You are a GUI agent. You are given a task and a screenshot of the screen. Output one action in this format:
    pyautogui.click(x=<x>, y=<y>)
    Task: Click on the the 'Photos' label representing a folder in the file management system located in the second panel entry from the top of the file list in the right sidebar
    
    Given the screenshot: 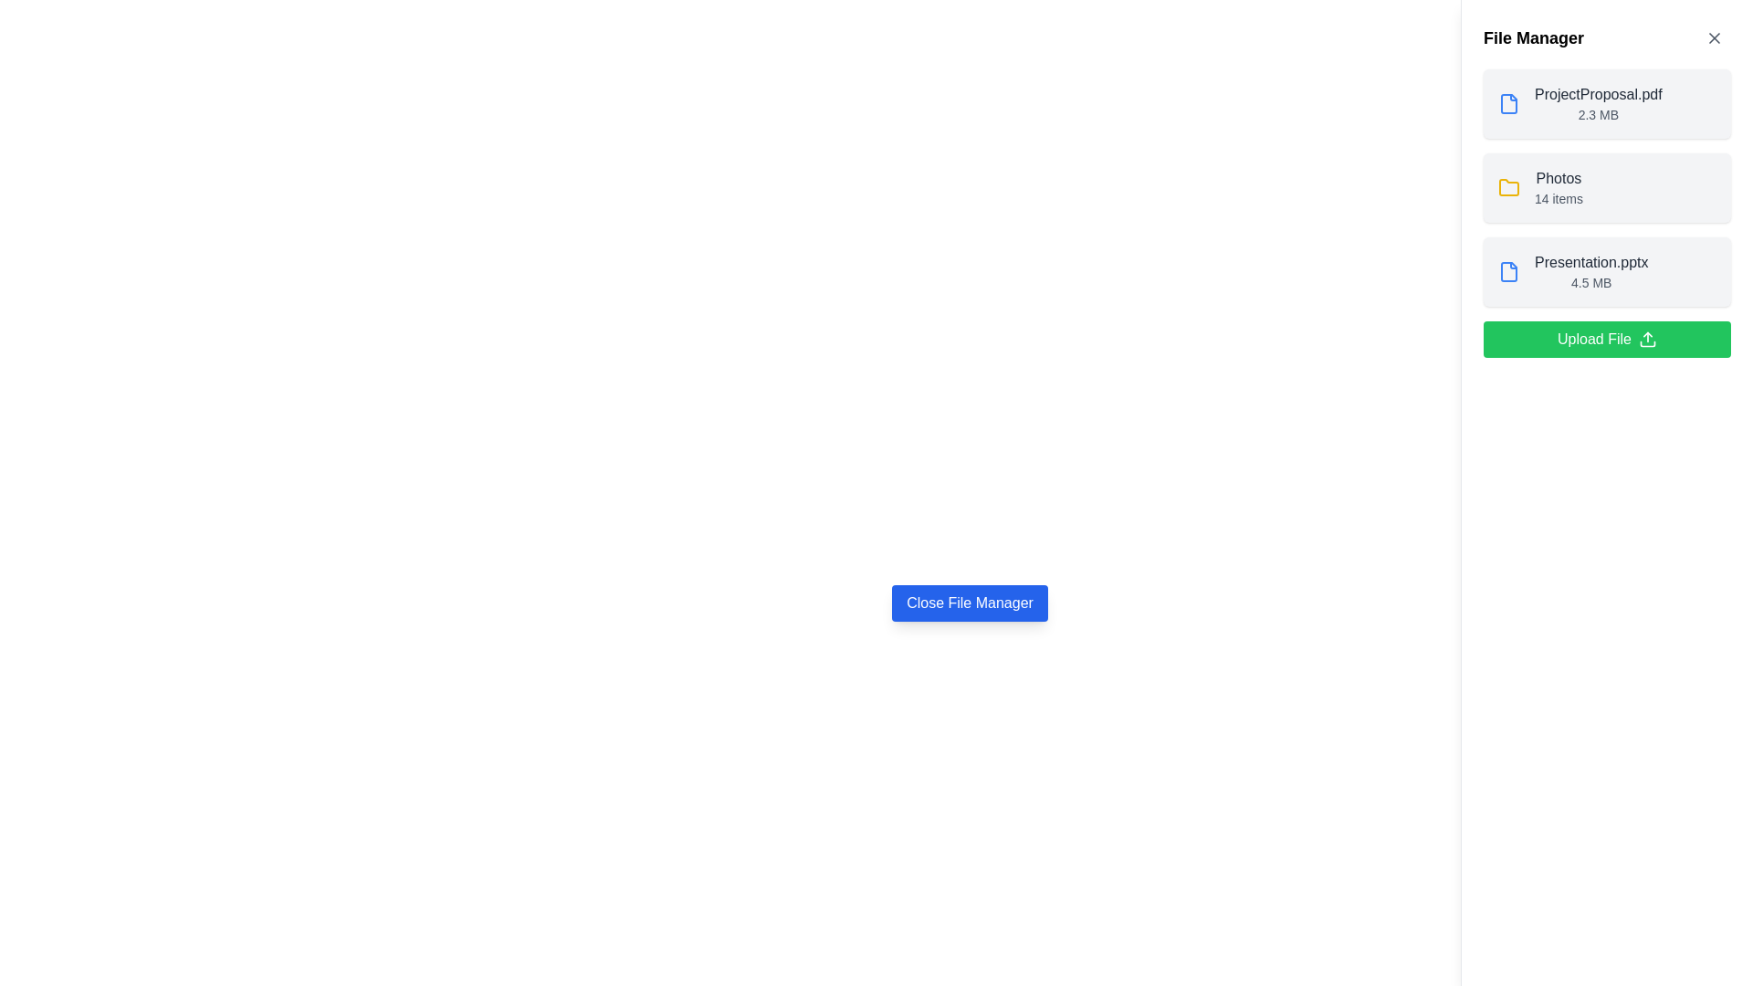 What is the action you would take?
    pyautogui.click(x=1558, y=179)
    